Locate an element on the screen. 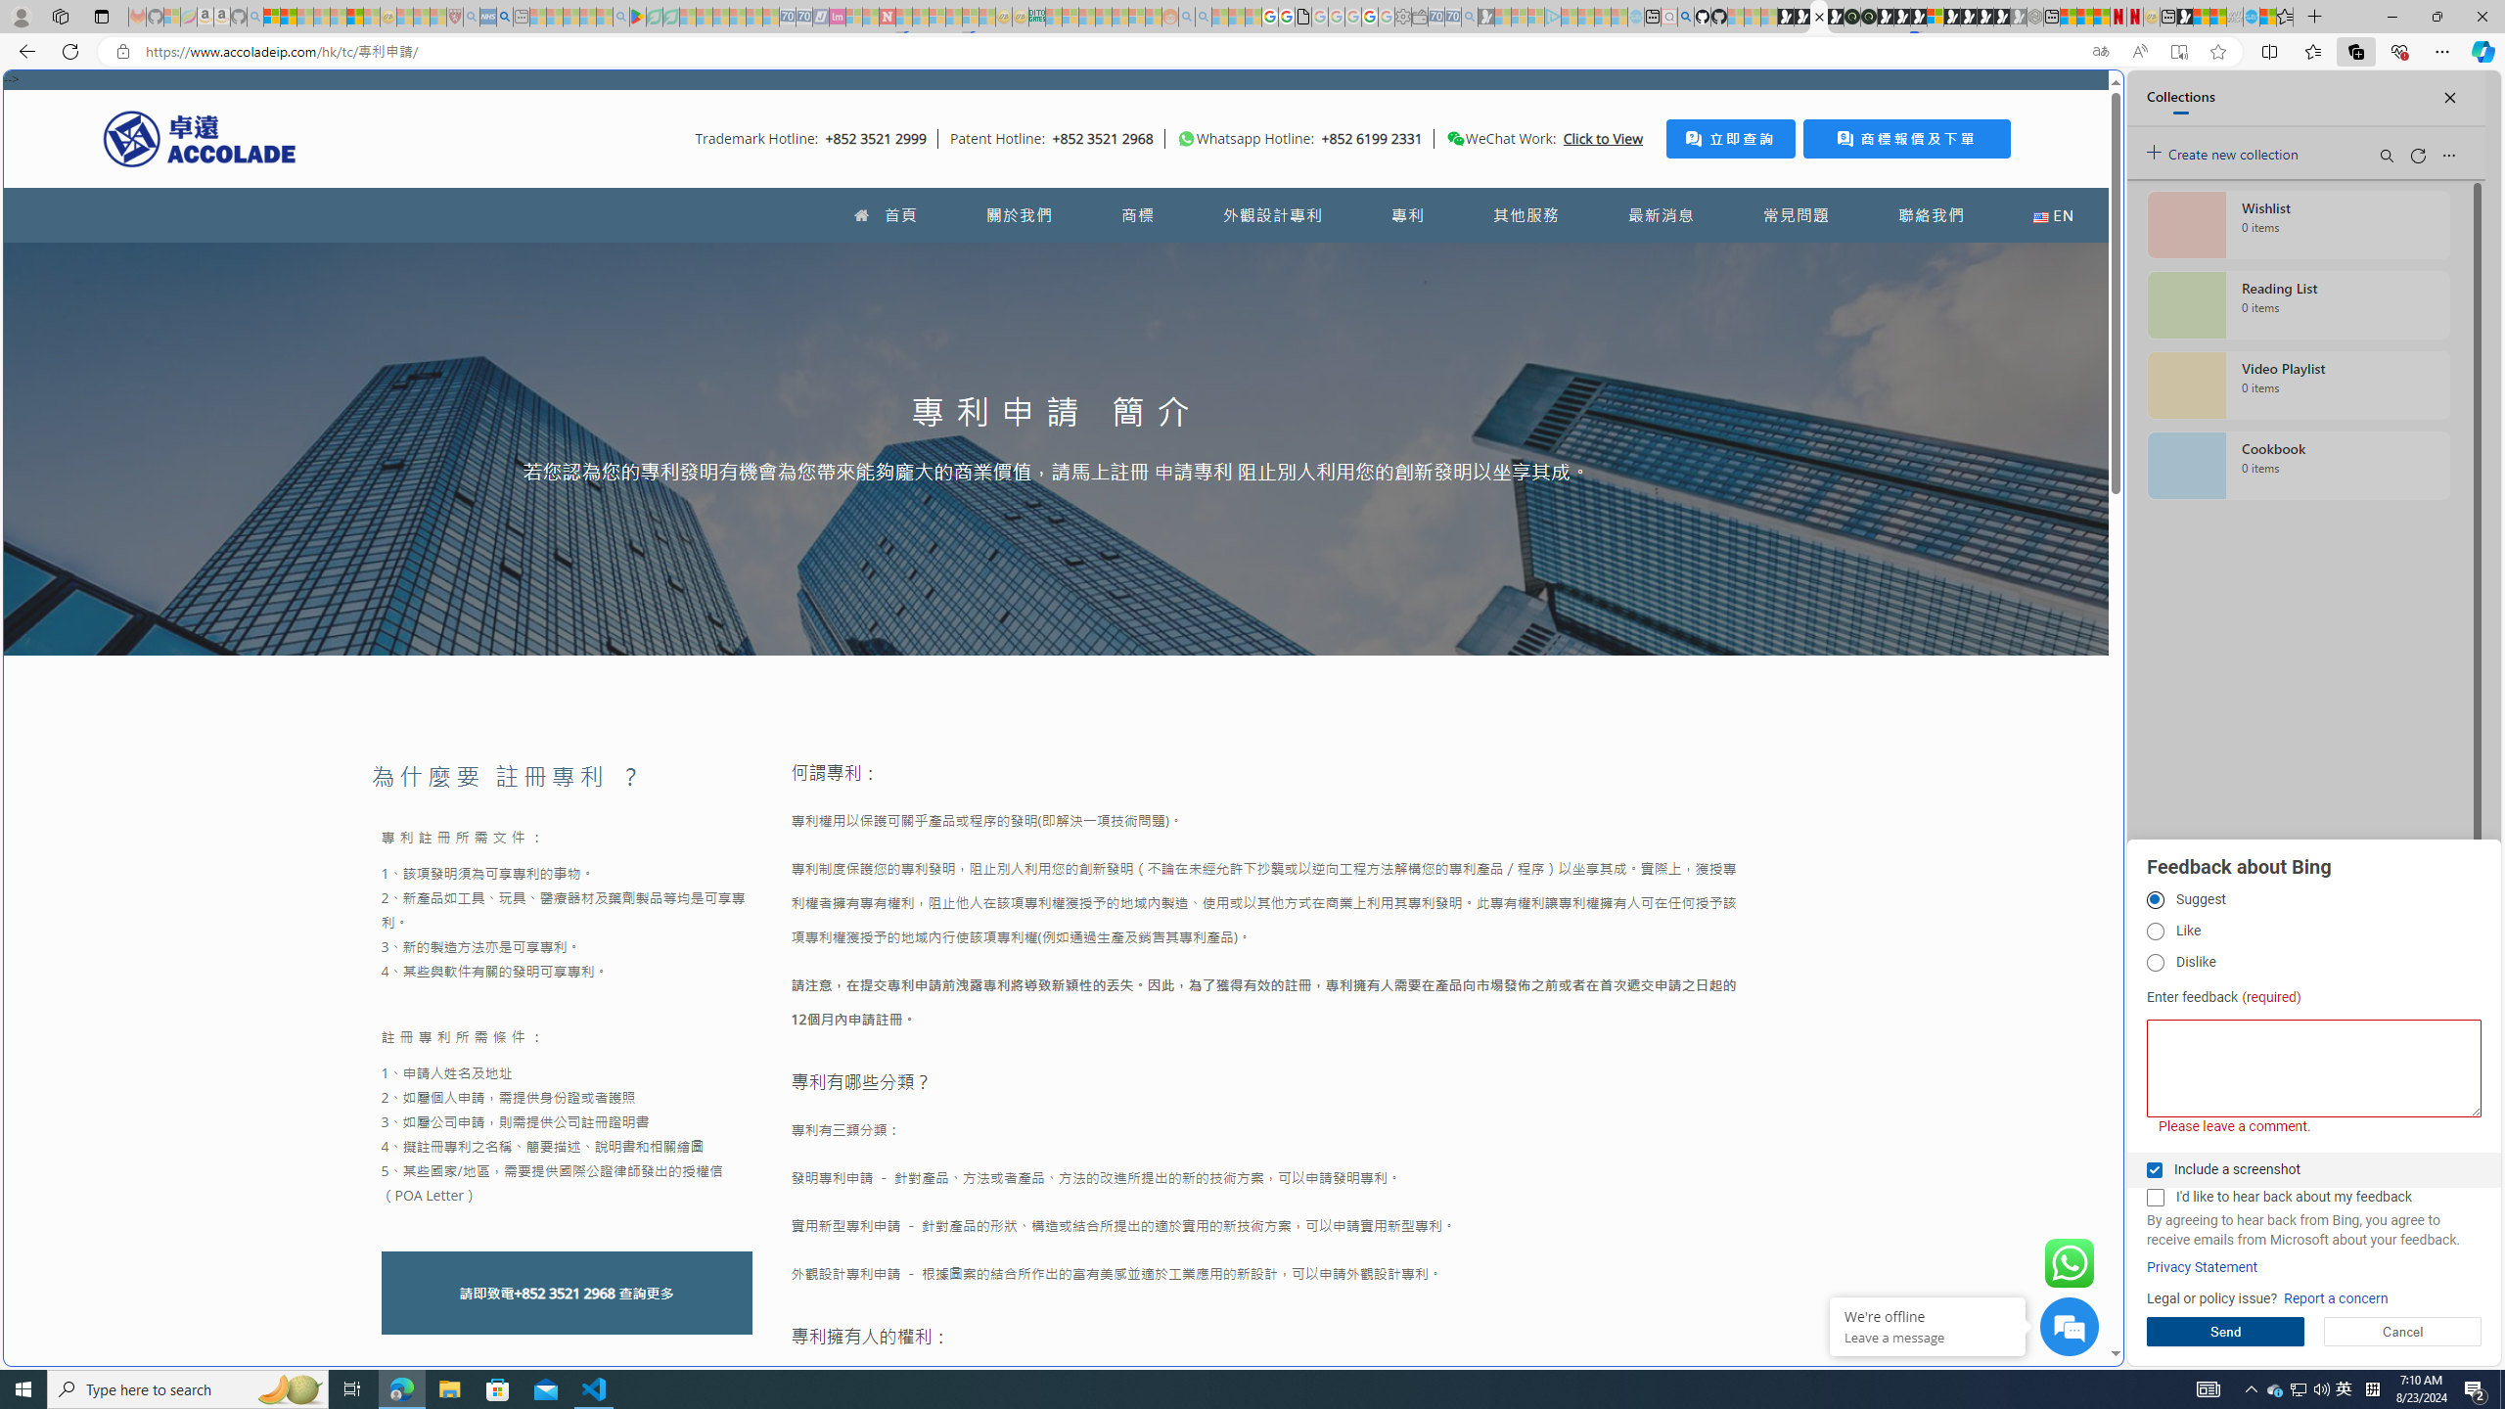 The image size is (2505, 1409). 'Services - Maintenance | Sky Blue Bikes - Sky Blue Bikes' is located at coordinates (2250, 16).